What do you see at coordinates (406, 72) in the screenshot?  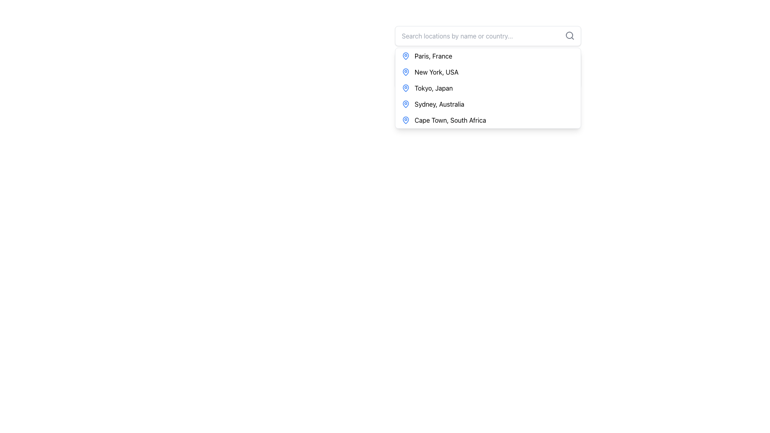 I see `the map pin icon located to the left of the 'New York, USA' text` at bounding box center [406, 72].